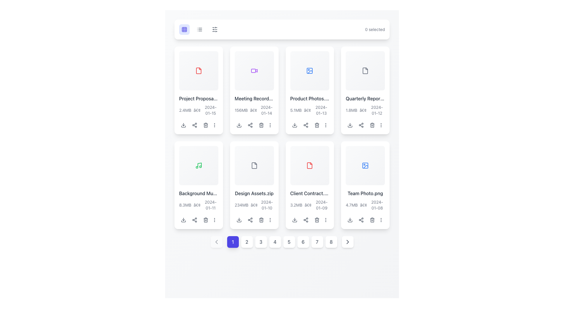 This screenshot has width=562, height=316. Describe the element at coordinates (309, 165) in the screenshot. I see `the file icon representing 'Client Contract.pdf', located on the card in the second row, fourth column of the grid layout` at that location.